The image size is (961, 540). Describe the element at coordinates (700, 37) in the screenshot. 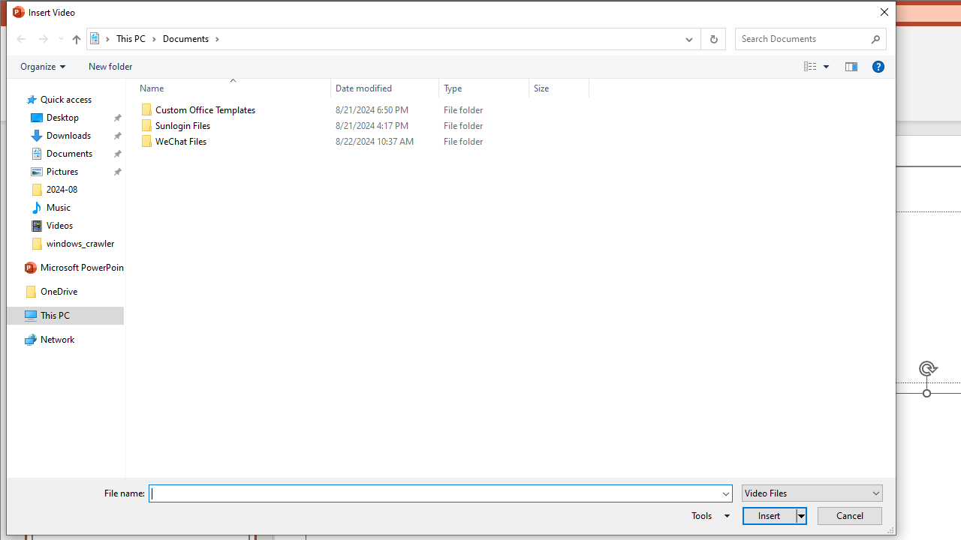

I see `'Address band toolbar'` at that location.